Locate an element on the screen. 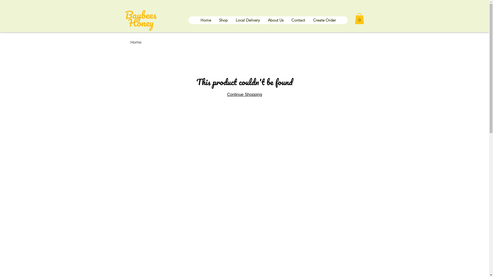 The image size is (493, 277). 'Shop' is located at coordinates (223, 20).